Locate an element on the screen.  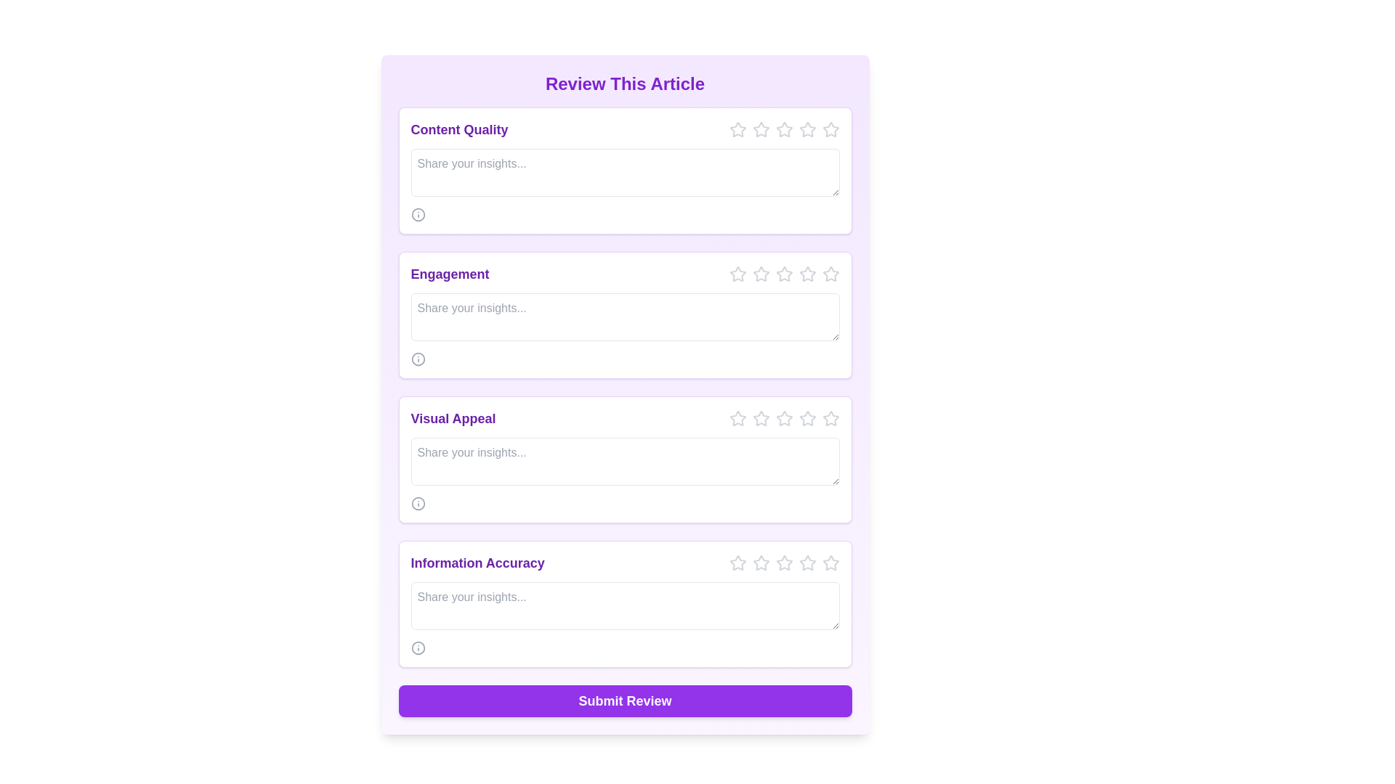
the interactive star icons in the 'Content Quality' rating section to trigger interaction effects is located at coordinates (625, 128).